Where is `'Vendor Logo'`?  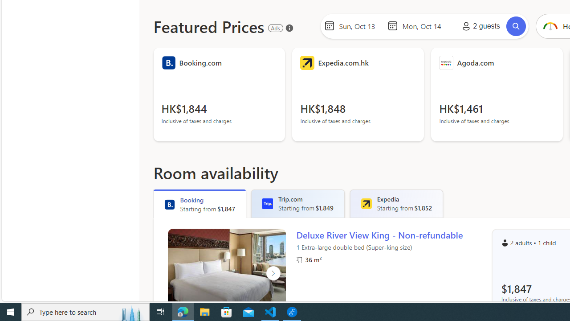 'Vendor Logo' is located at coordinates (446, 62).